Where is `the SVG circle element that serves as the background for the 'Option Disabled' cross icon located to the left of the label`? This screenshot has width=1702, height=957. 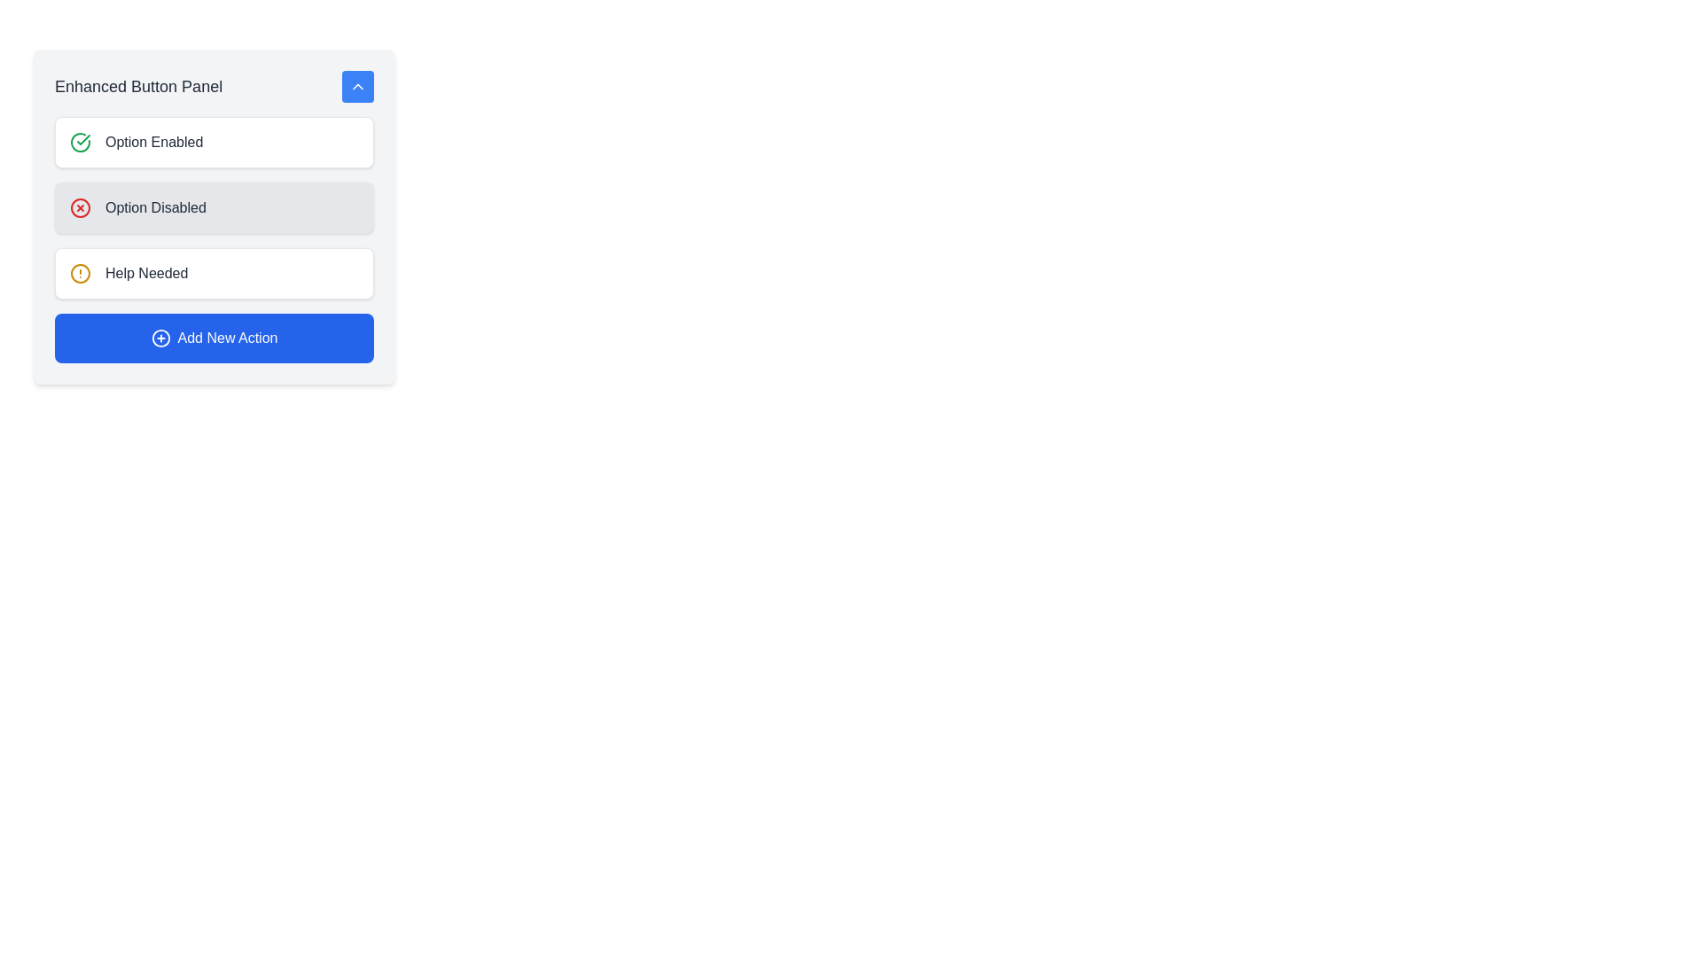 the SVG circle element that serves as the background for the 'Option Disabled' cross icon located to the left of the label is located at coordinates (80, 207).